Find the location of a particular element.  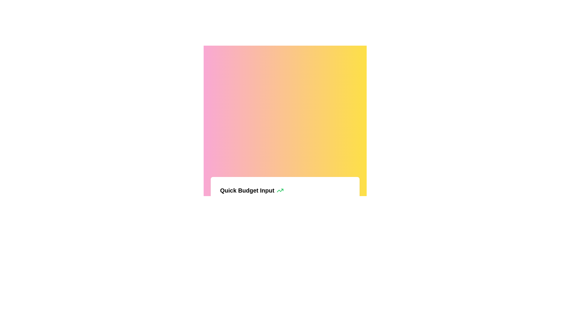

the title text located at the top-left corner of the panel, which provides context for the content below it is located at coordinates (285, 191).